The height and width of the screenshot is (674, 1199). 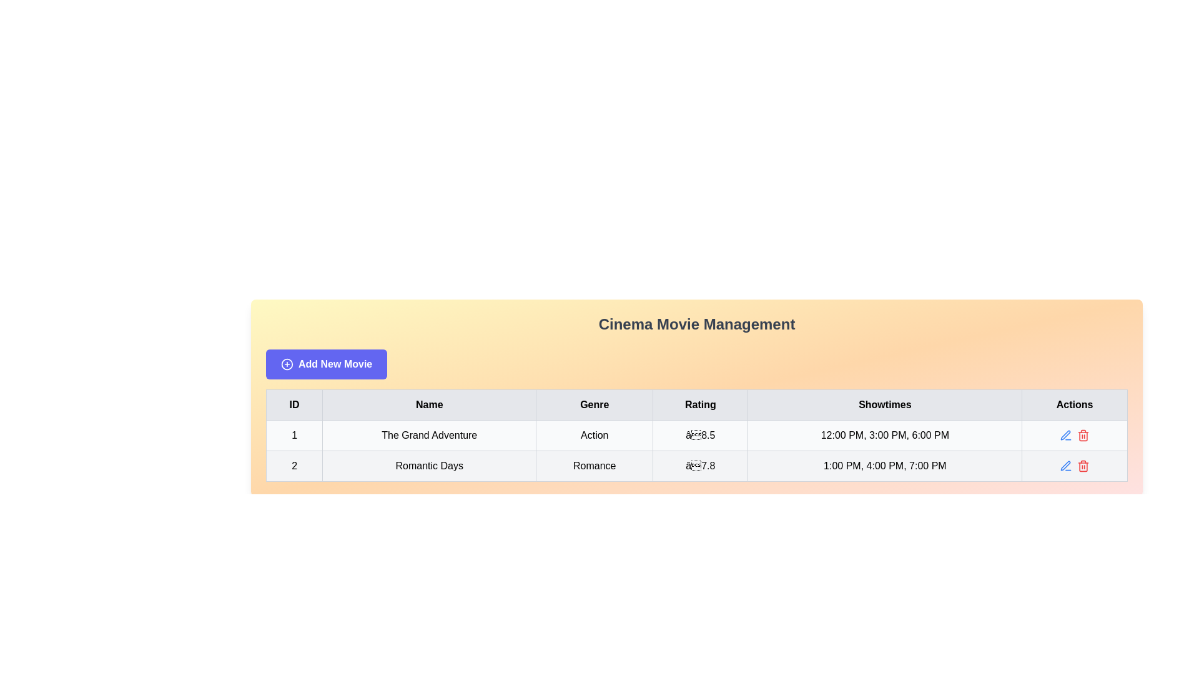 What do you see at coordinates (700, 466) in the screenshot?
I see `the static text element displaying the rating score, which is positioned in the fourth column of the second row of the table layout, between the 'Romance' genre and the showtimes cell` at bounding box center [700, 466].